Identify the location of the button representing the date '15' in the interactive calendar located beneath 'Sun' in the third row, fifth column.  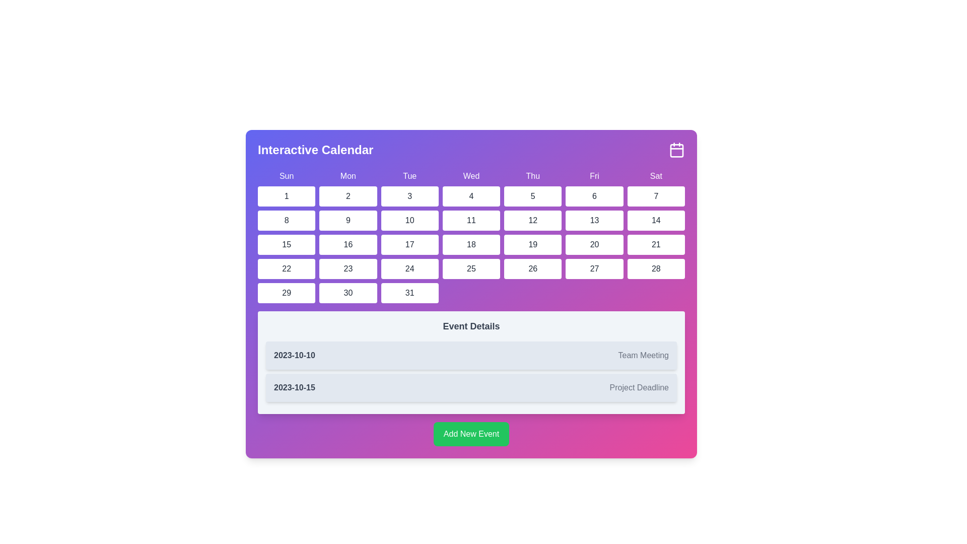
(286, 245).